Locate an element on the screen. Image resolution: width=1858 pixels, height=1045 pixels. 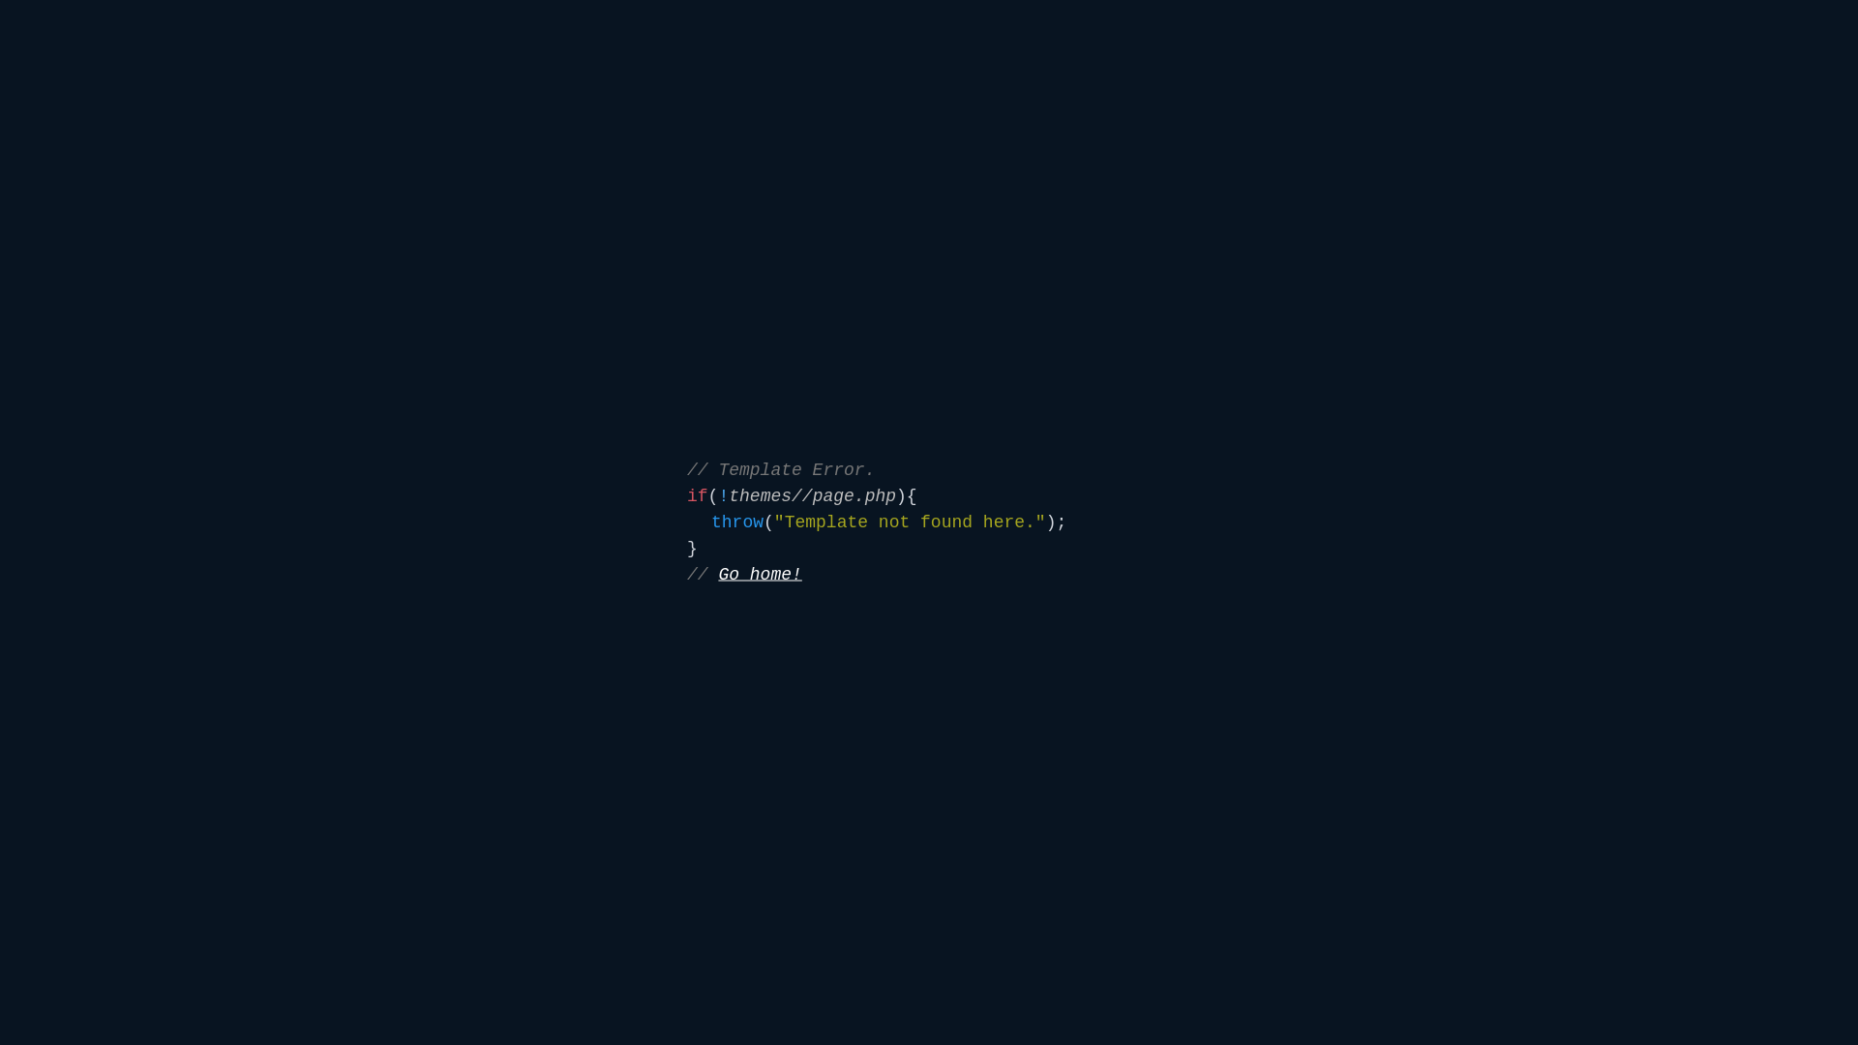
'Go home!' is located at coordinates (717, 574).